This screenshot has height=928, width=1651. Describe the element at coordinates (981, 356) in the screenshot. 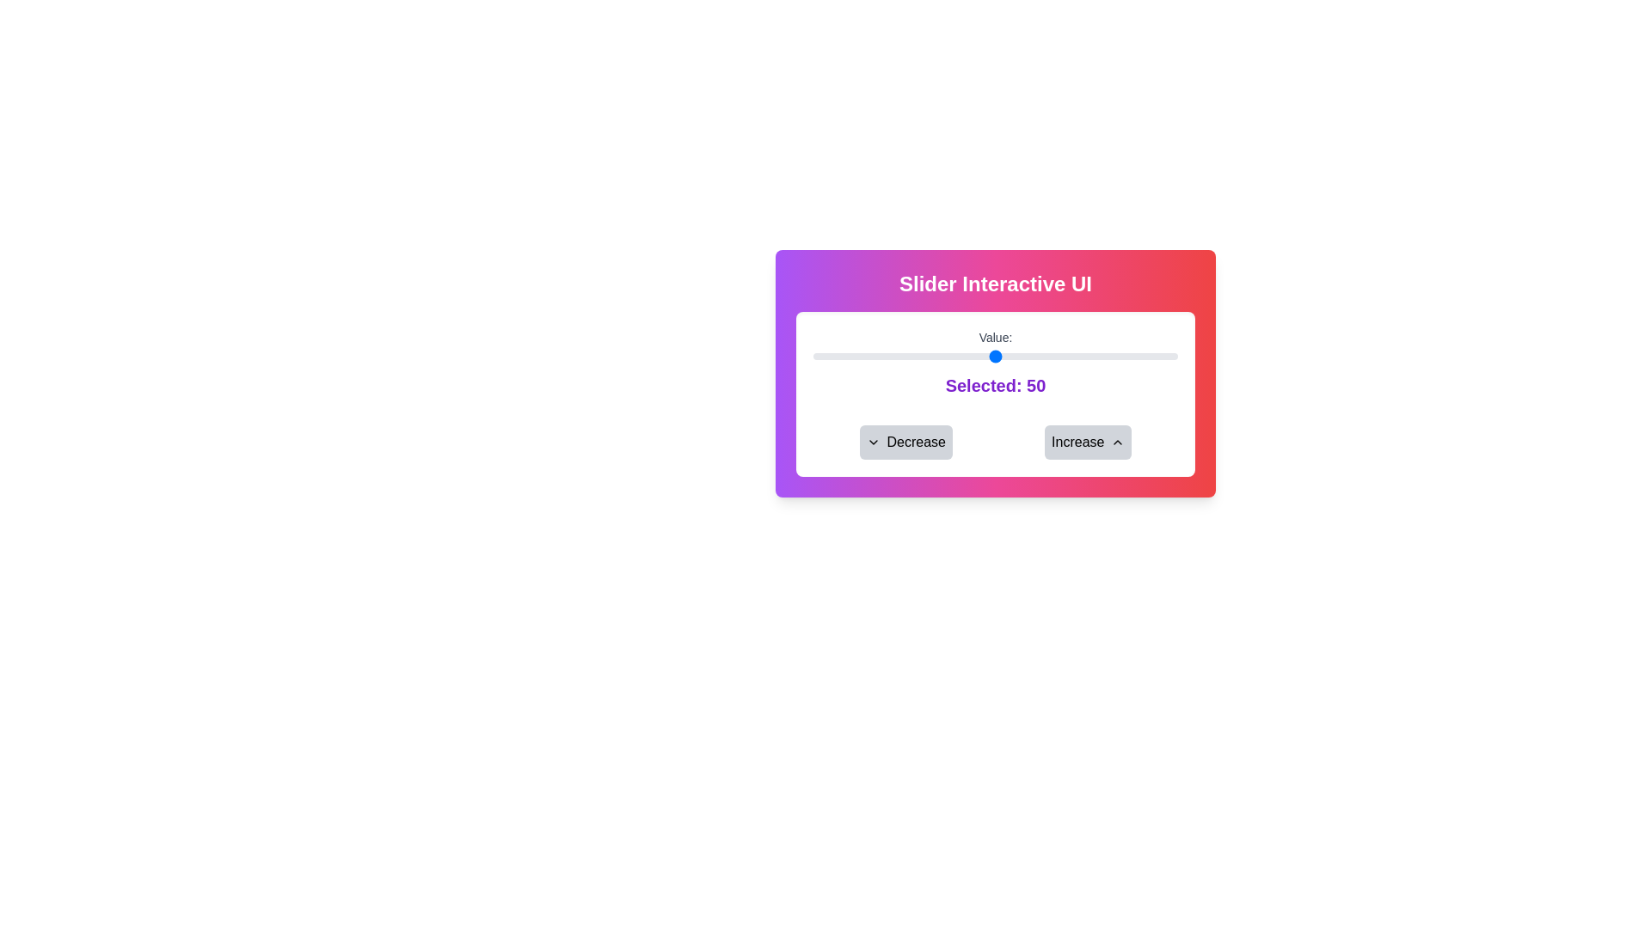

I see `the slider` at that location.